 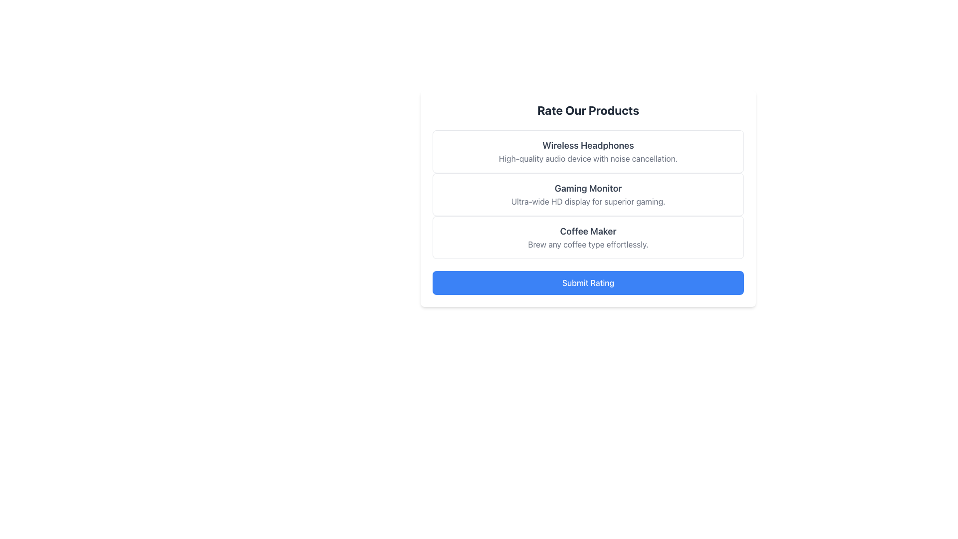 I want to click on the rectangular button with a blue background and white text that reads 'Submit Rating' located at the bottom of the 'Rate Our Products' section, so click(x=588, y=283).